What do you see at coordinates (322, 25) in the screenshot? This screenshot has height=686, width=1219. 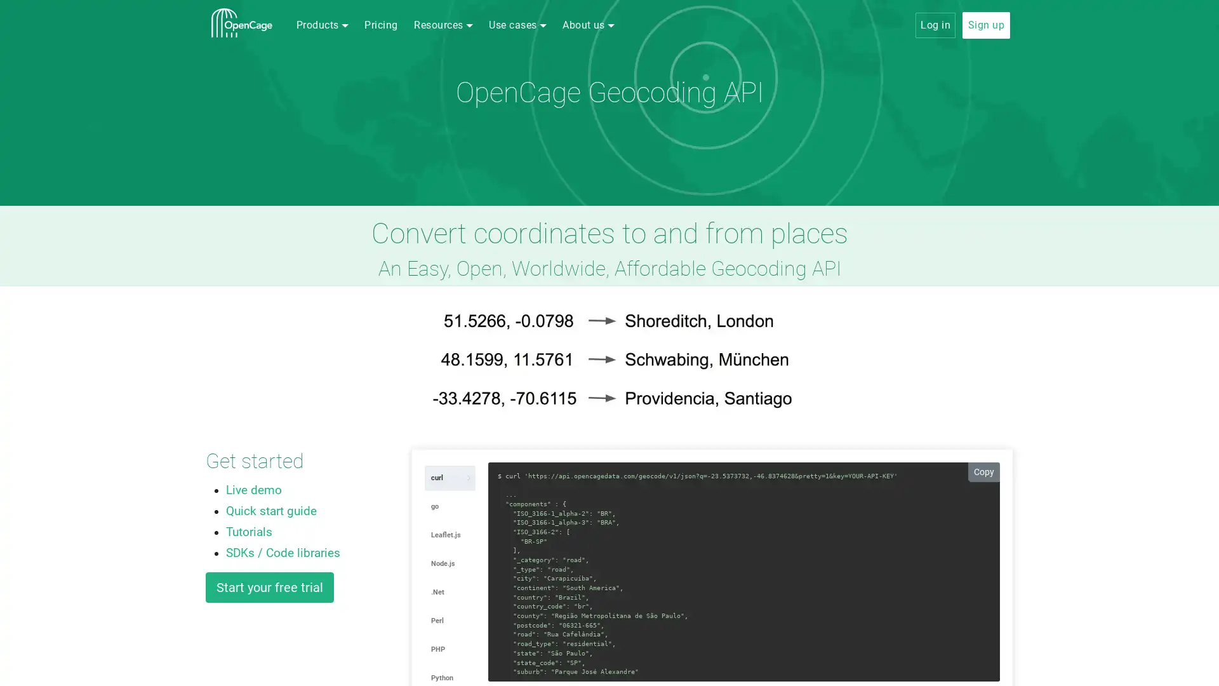 I see `Products` at bounding box center [322, 25].